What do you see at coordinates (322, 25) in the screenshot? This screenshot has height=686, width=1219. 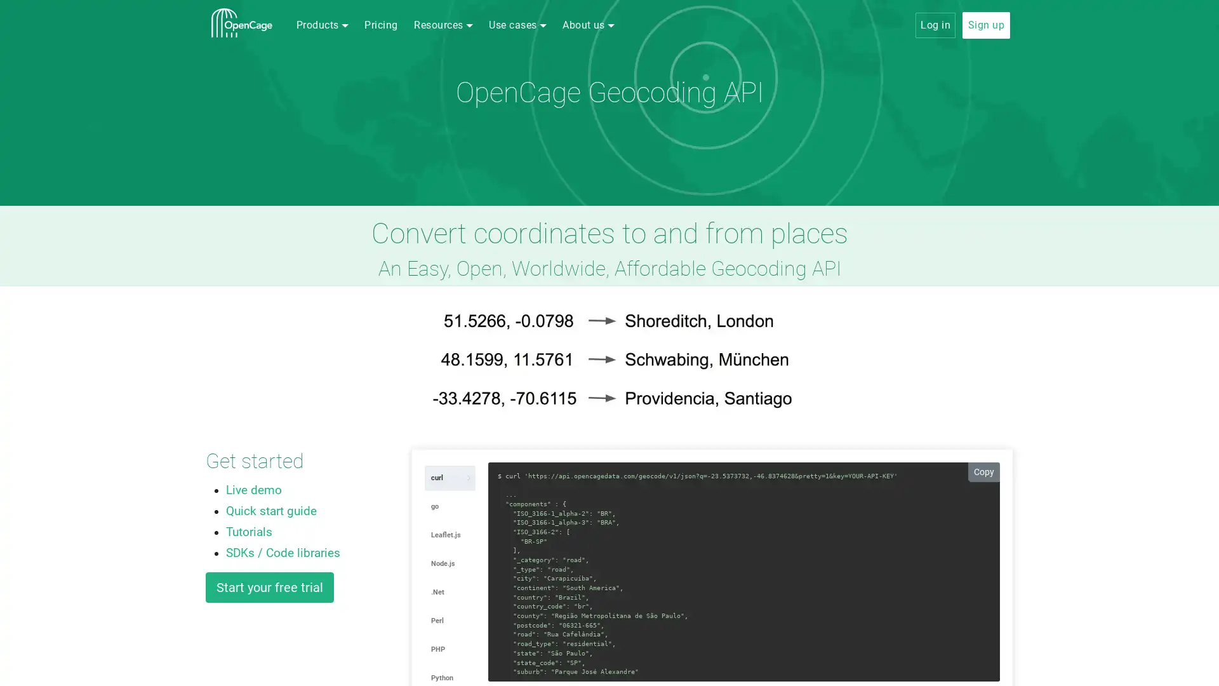 I see `Products` at bounding box center [322, 25].